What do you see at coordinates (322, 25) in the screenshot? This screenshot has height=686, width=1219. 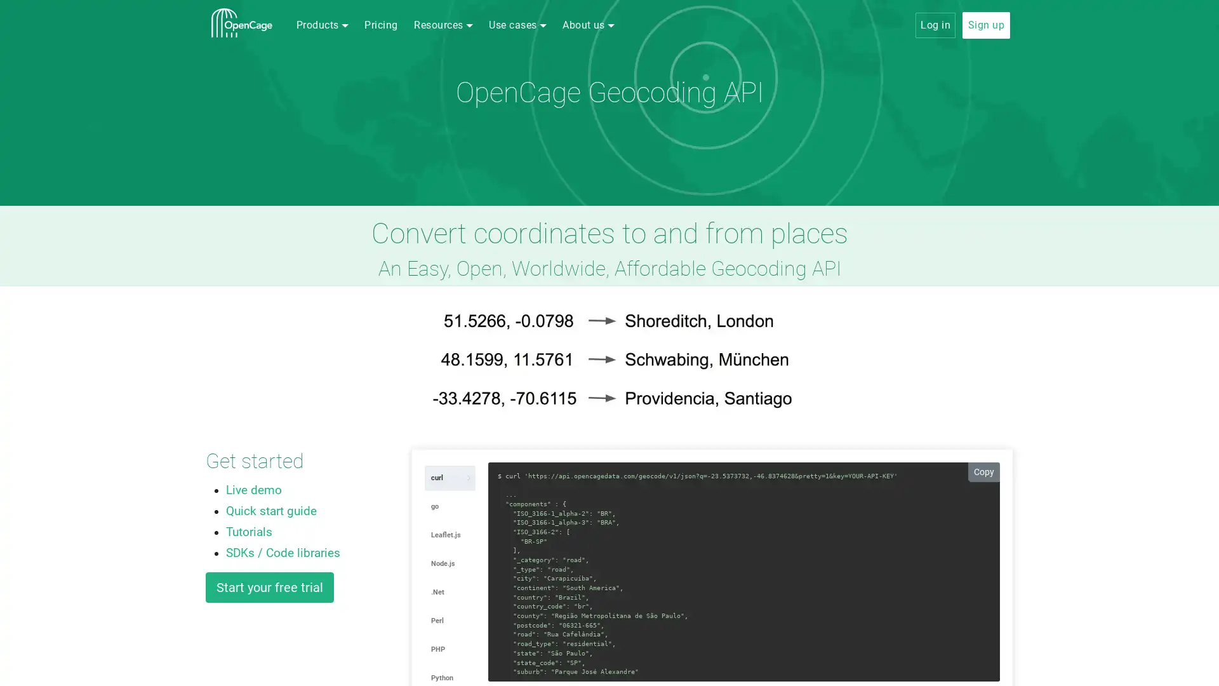 I see `Products` at bounding box center [322, 25].